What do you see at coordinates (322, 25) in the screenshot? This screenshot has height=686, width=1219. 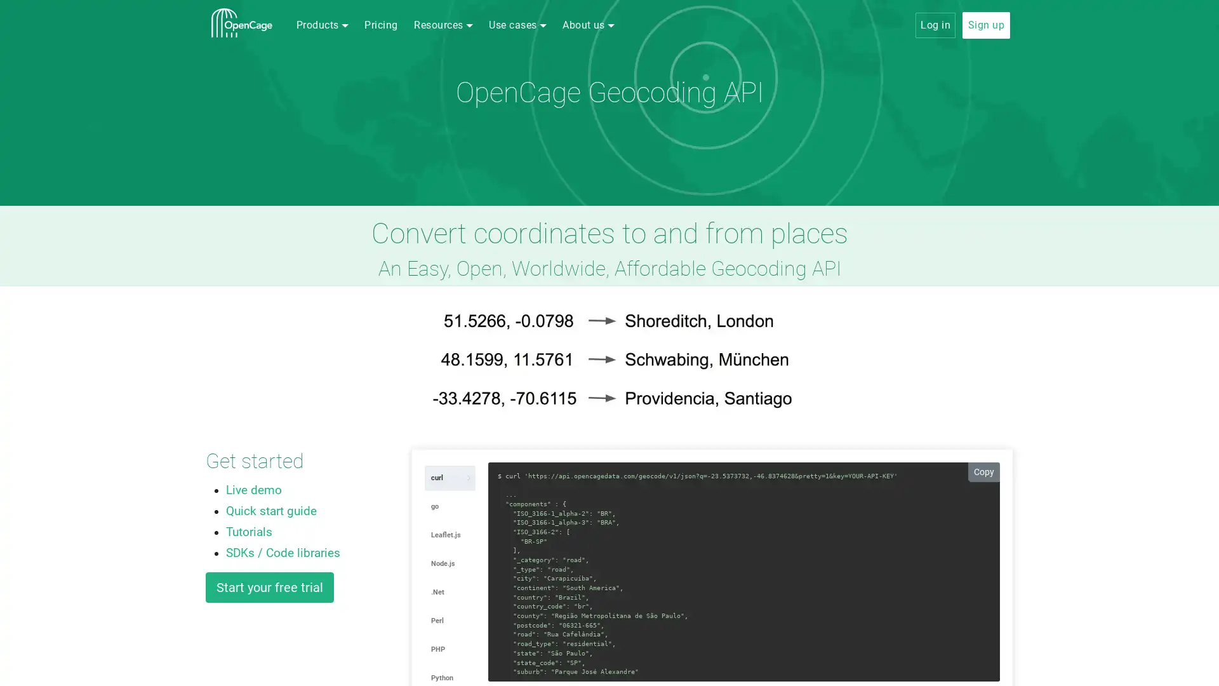 I see `Products` at bounding box center [322, 25].